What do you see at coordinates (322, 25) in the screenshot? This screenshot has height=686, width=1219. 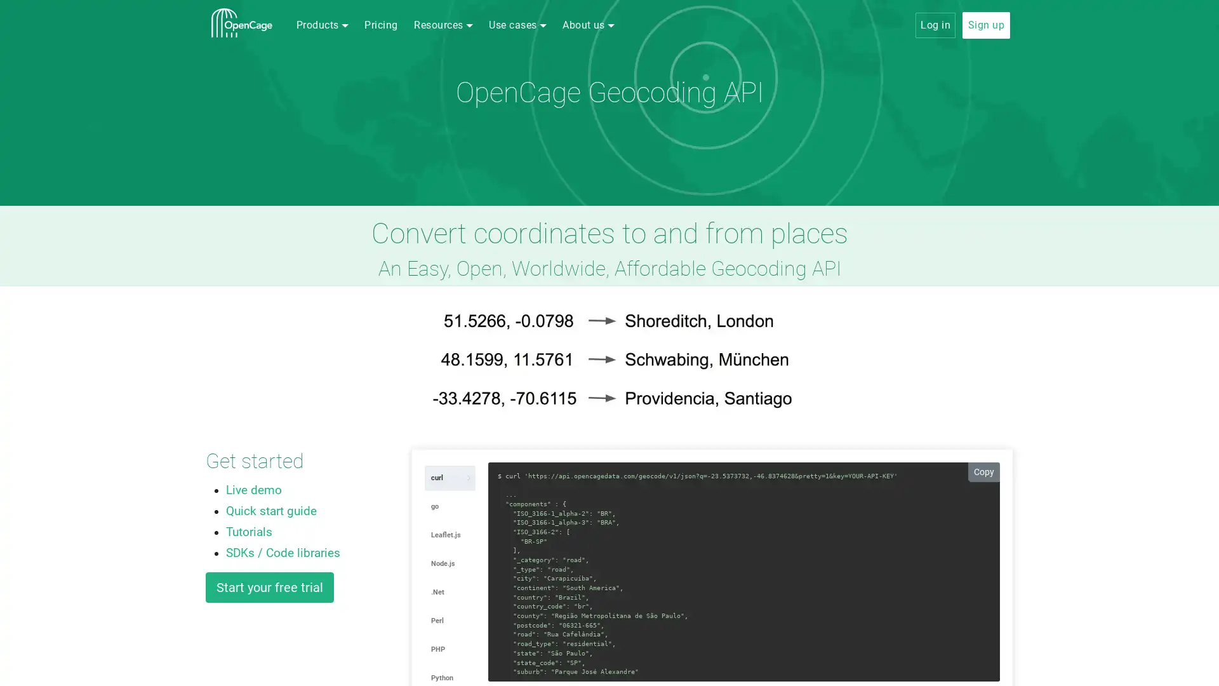 I see `Products` at bounding box center [322, 25].